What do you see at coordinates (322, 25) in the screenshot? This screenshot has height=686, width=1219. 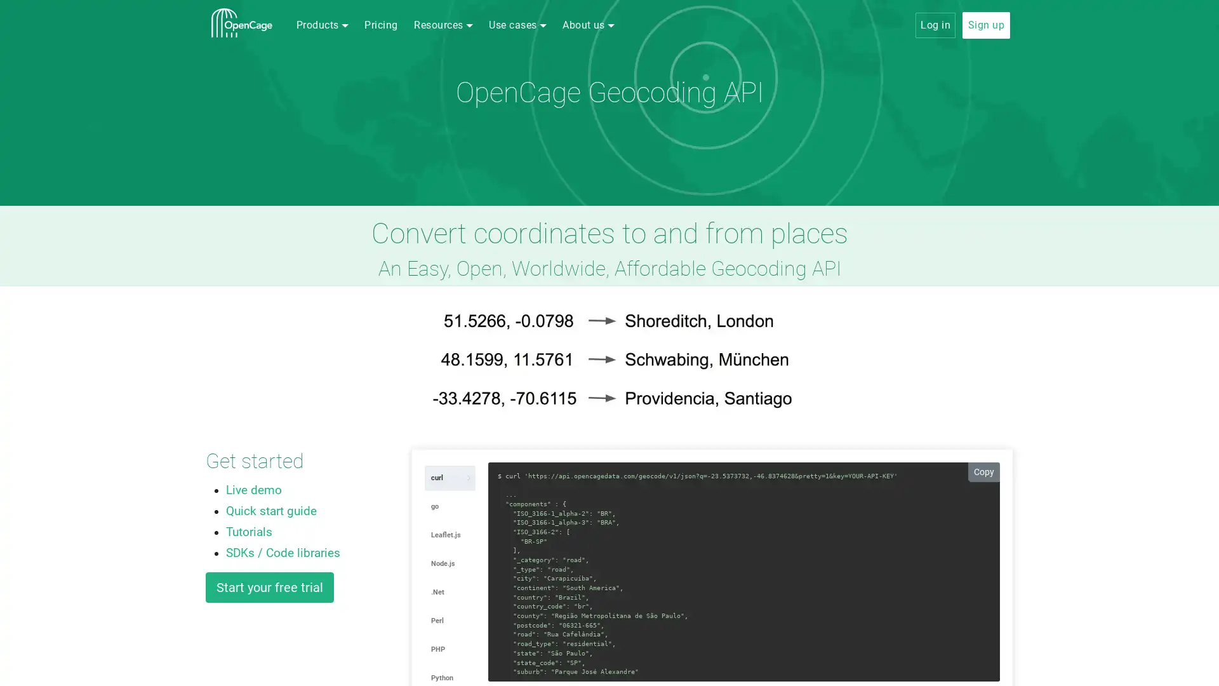 I see `Products` at bounding box center [322, 25].